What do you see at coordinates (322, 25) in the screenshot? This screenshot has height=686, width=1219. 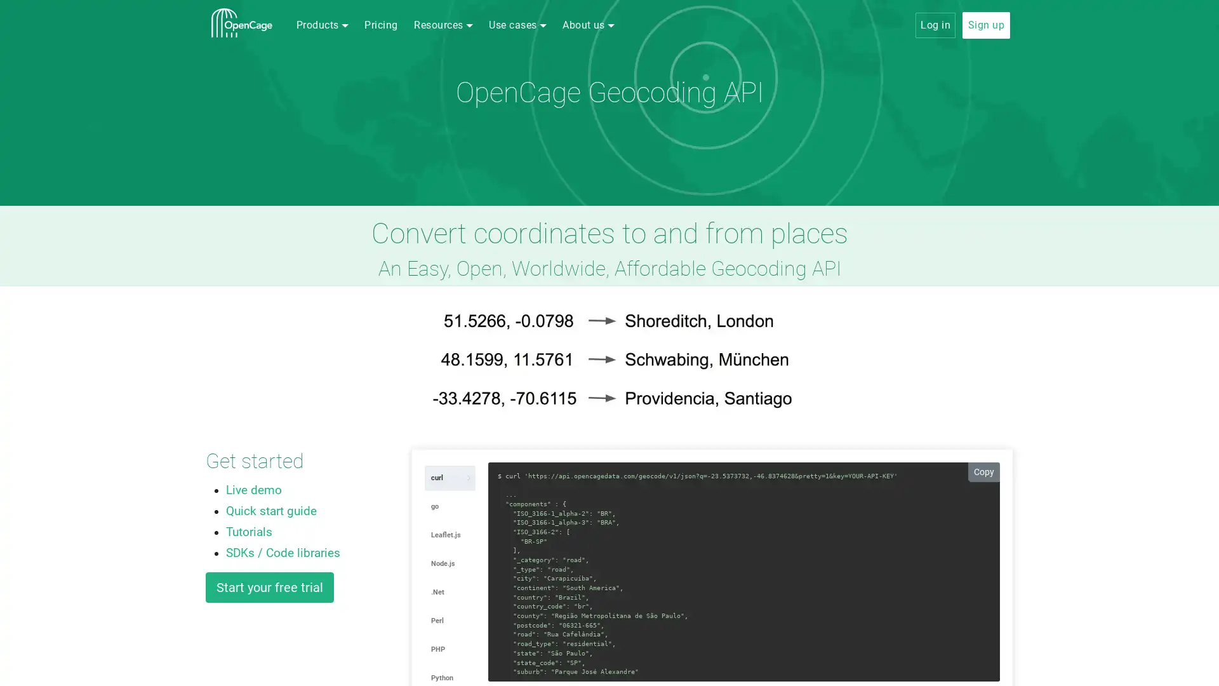 I see `Products` at bounding box center [322, 25].